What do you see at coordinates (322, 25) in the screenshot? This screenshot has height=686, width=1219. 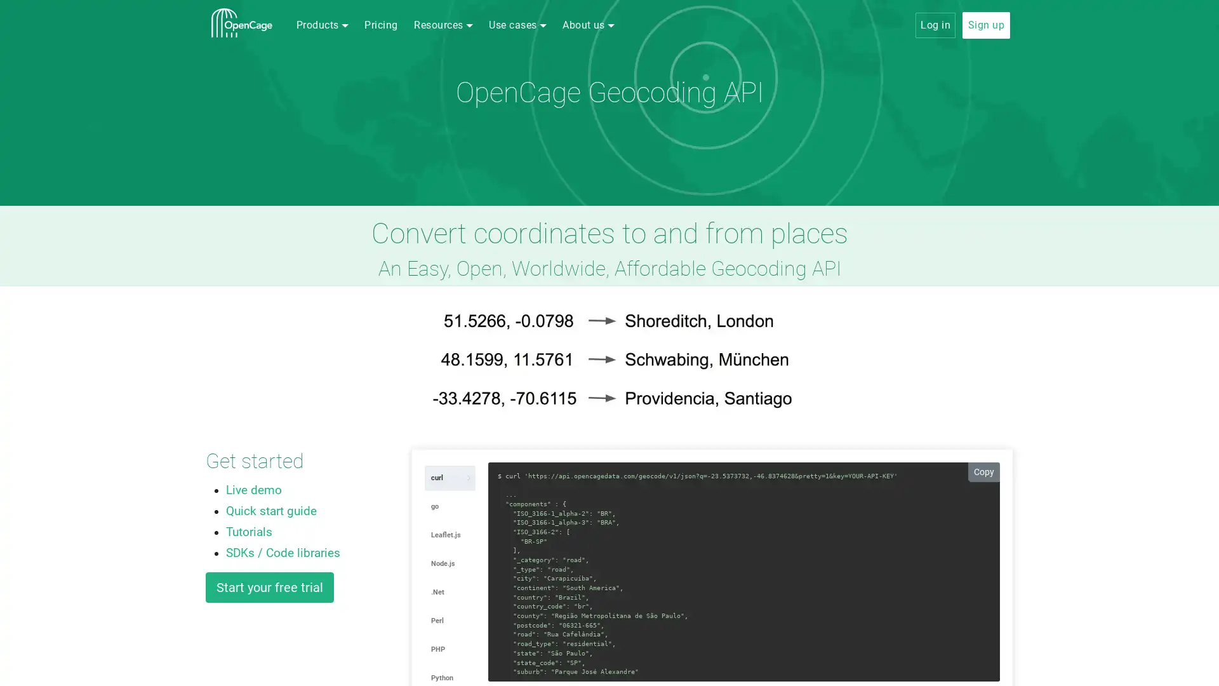 I see `Products` at bounding box center [322, 25].